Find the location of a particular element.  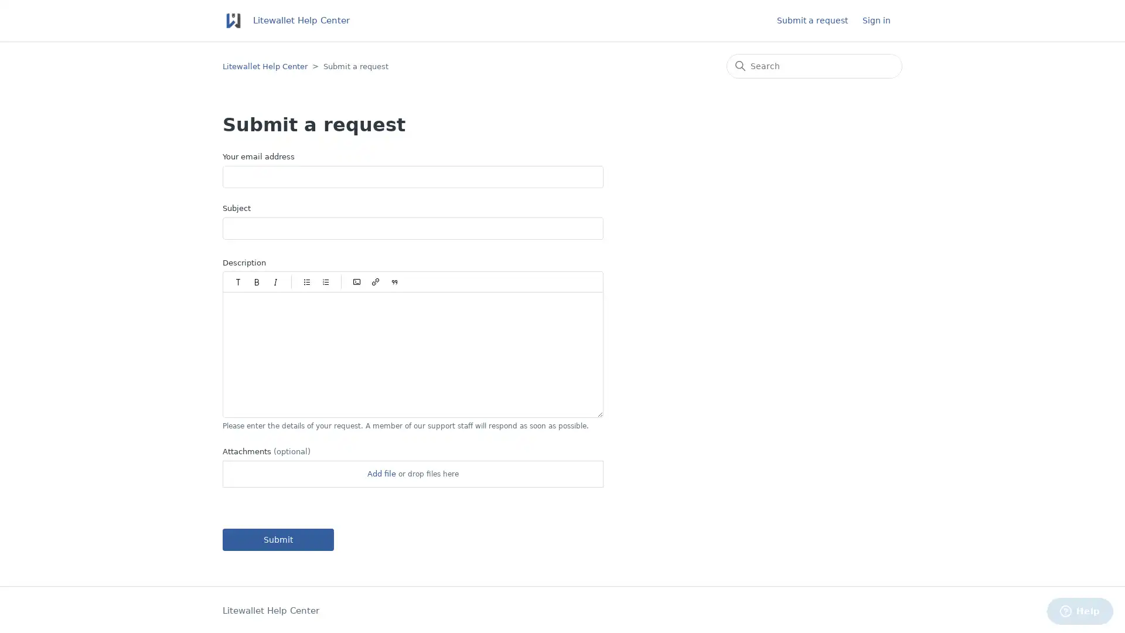

Numbered list is located at coordinates (326, 282).